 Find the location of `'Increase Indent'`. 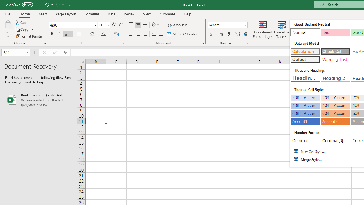

'Increase Indent' is located at coordinates (160, 34).